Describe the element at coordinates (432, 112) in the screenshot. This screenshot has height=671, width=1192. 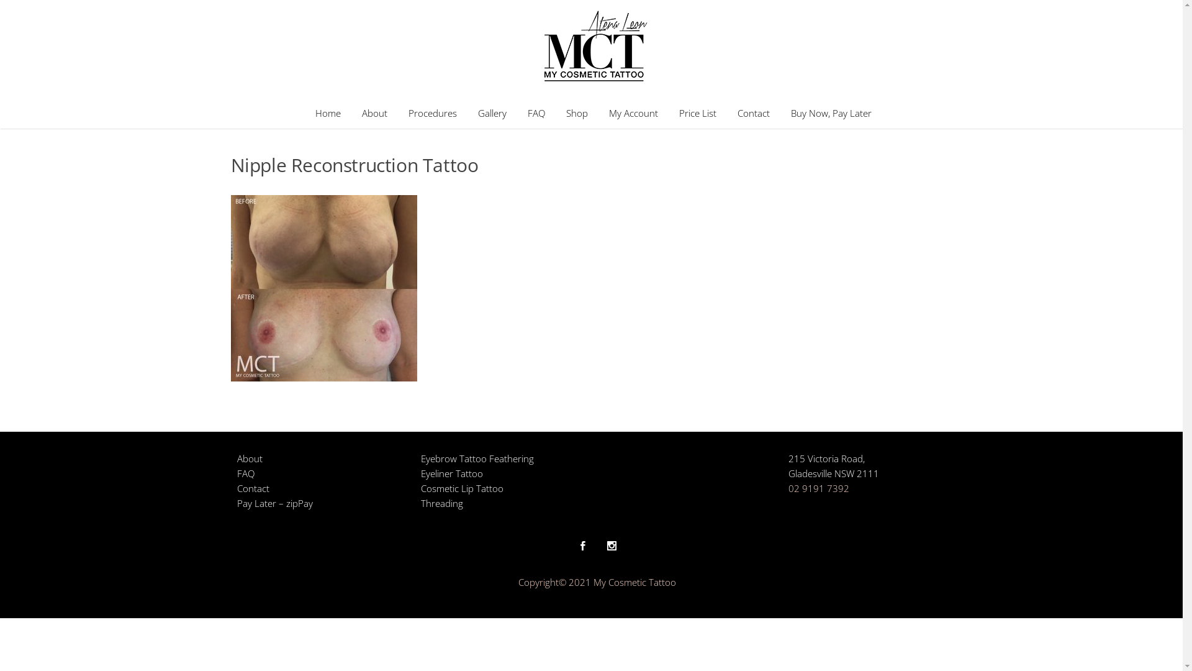
I see `'Procedures'` at that location.